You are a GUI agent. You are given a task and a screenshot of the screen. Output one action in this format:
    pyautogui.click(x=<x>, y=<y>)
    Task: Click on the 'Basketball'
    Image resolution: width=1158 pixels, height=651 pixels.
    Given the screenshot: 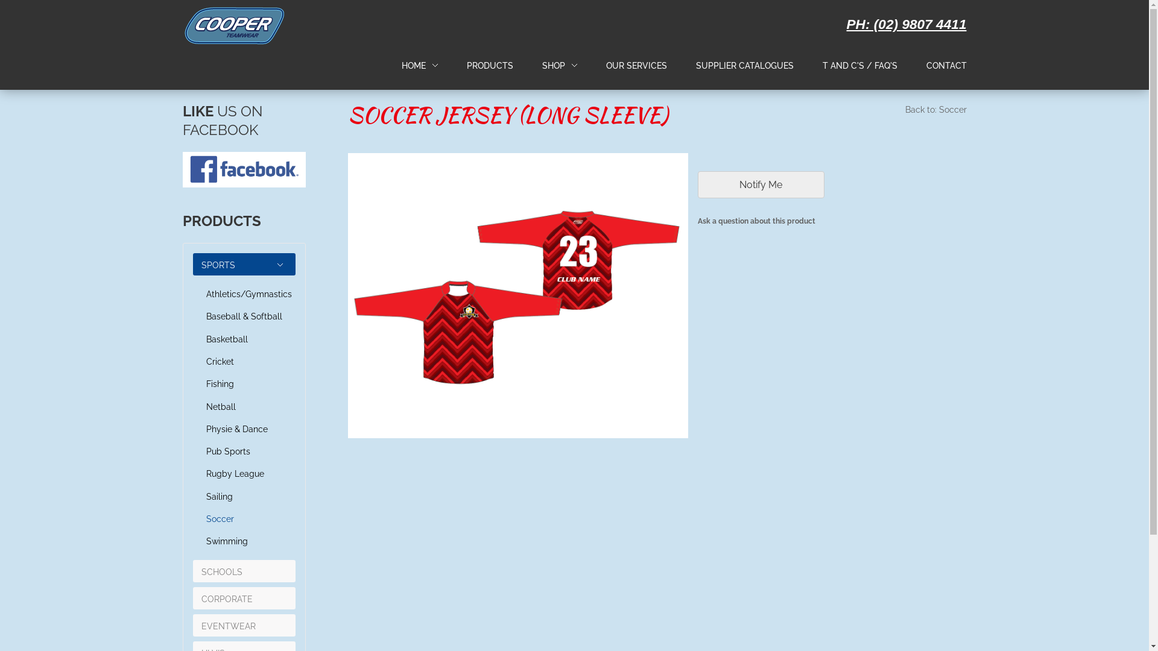 What is the action you would take?
    pyautogui.click(x=243, y=339)
    